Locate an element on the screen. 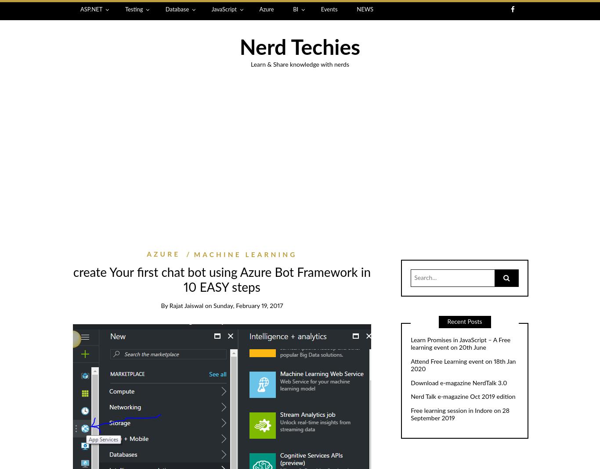 Image resolution: width=600 pixels, height=469 pixels. 'Download e-magazine NerdTalk 3.0' is located at coordinates (458, 383).